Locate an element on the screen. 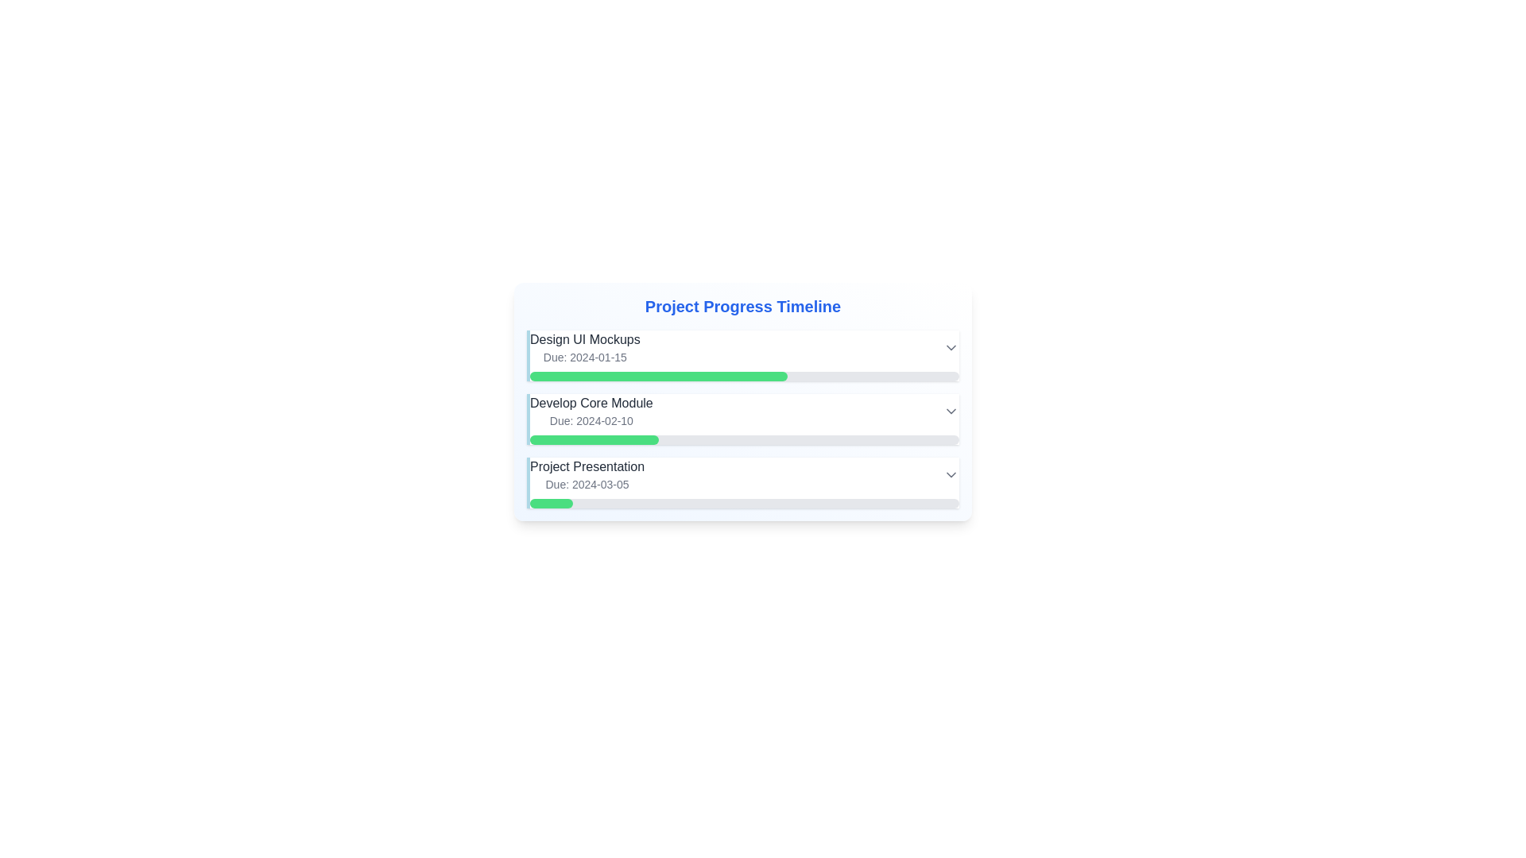  the text display element that shows 'Design UI Mockups' and its due date 'Due: 2024-01-15', positioned under the header 'Project Progress Timeline' is located at coordinates (584, 347).